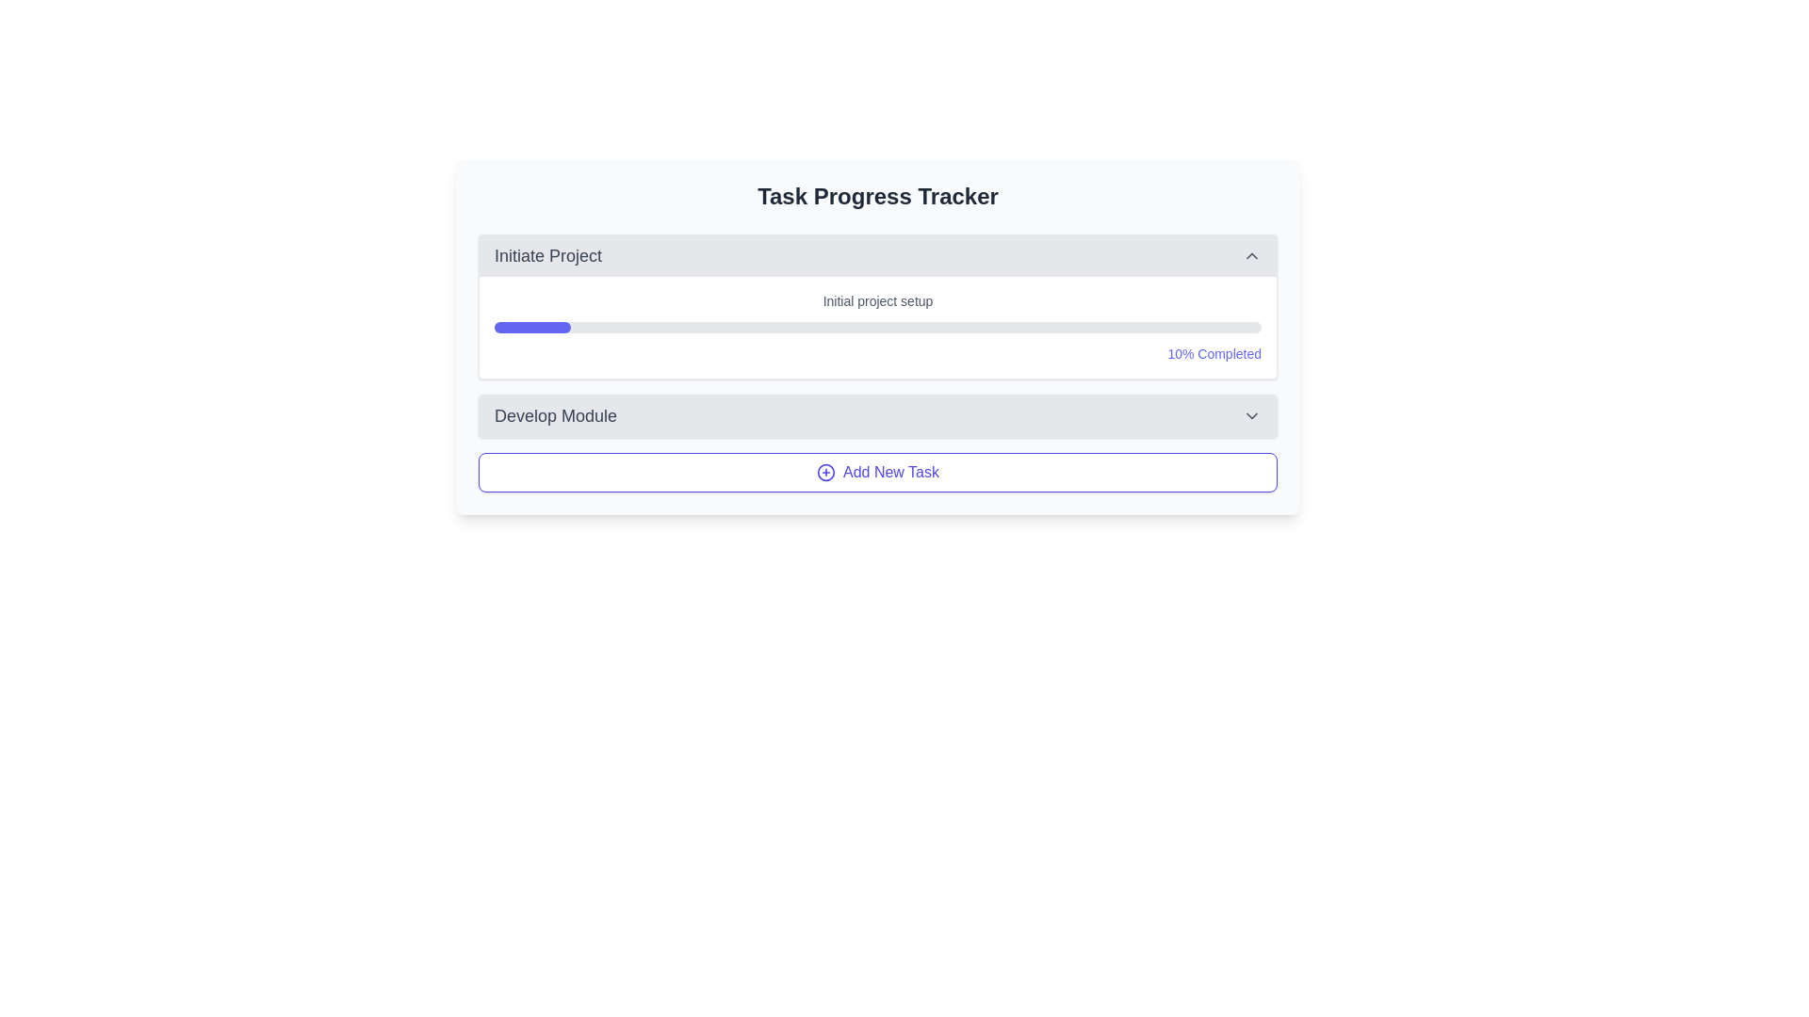 Image resolution: width=1809 pixels, height=1017 pixels. What do you see at coordinates (876, 300) in the screenshot?
I see `the label text that describes the task in the progress tracker, which is centrally aligned above the progress bar` at bounding box center [876, 300].